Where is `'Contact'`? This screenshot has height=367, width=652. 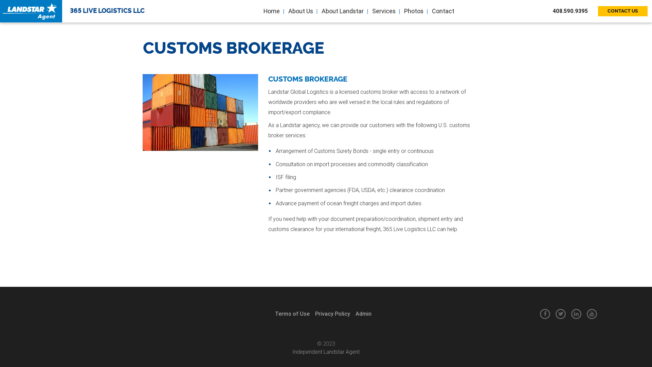
'Contact' is located at coordinates (442, 11).